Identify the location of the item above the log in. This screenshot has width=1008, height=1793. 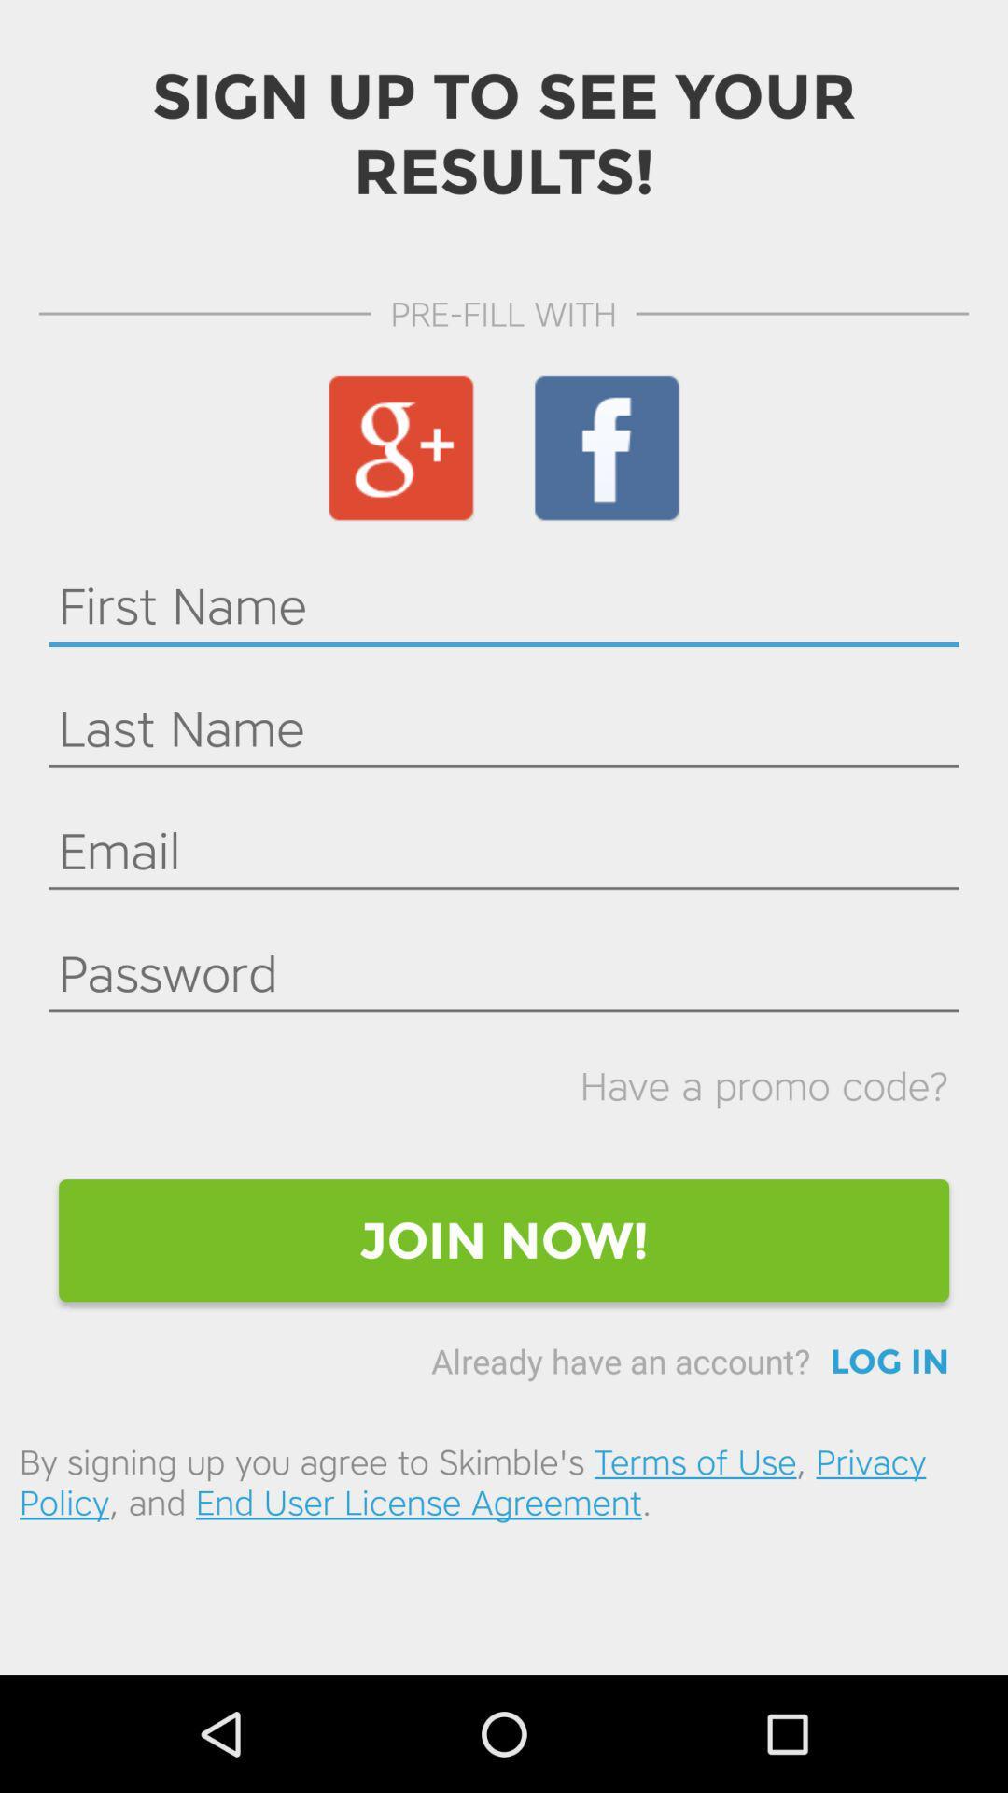
(504, 1240).